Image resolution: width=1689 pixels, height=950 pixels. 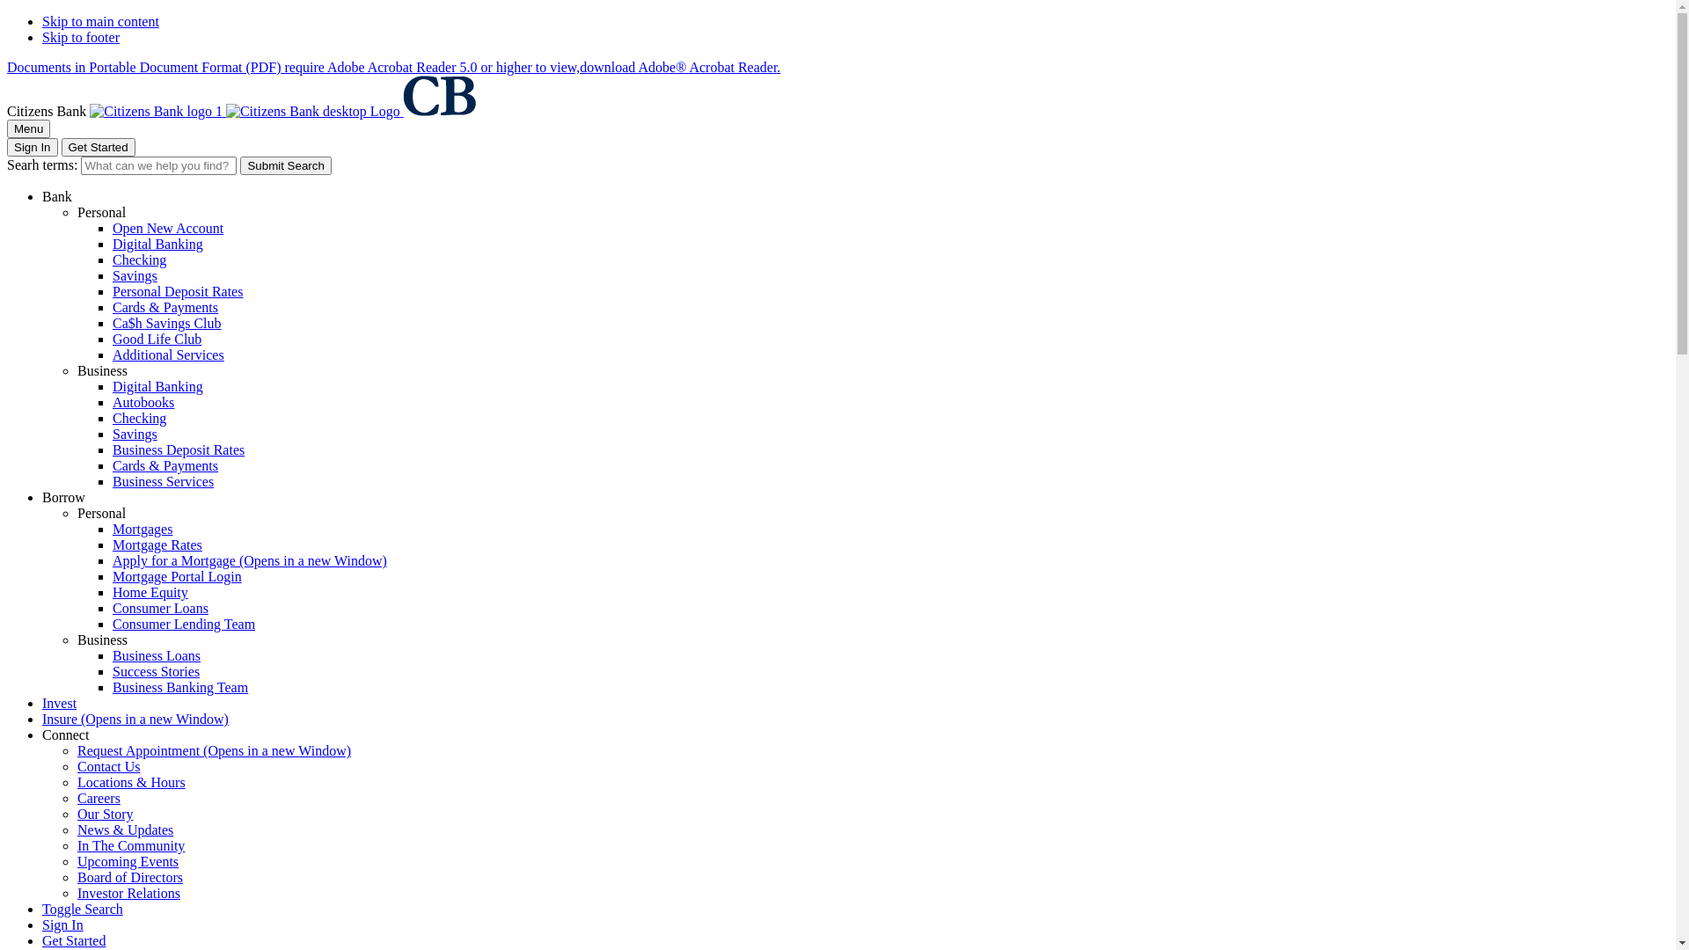 What do you see at coordinates (184, 623) in the screenshot?
I see `'Consumer Lending Team'` at bounding box center [184, 623].